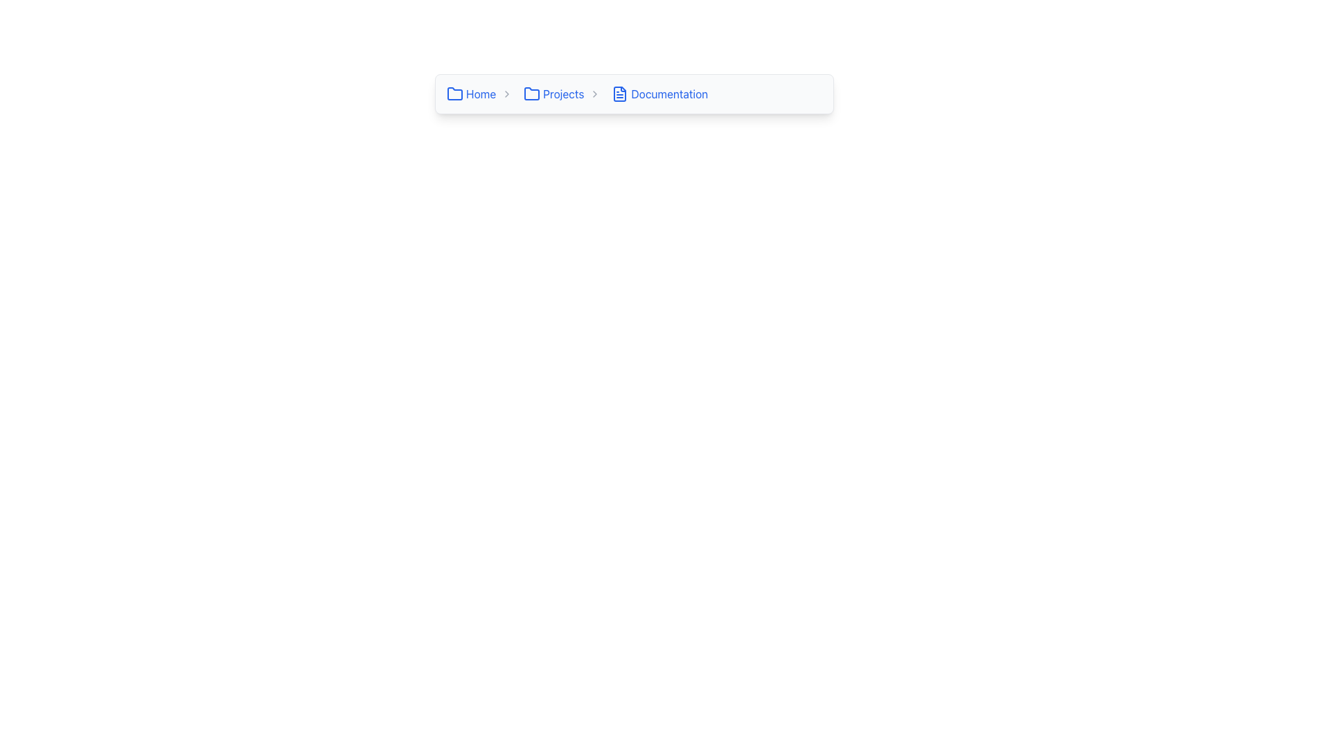 The width and height of the screenshot is (1330, 748). Describe the element at coordinates (619, 93) in the screenshot. I see `the blue file document icon in the breadcrumb navigation bar, which is positioned before the 'Documentation' label` at that location.